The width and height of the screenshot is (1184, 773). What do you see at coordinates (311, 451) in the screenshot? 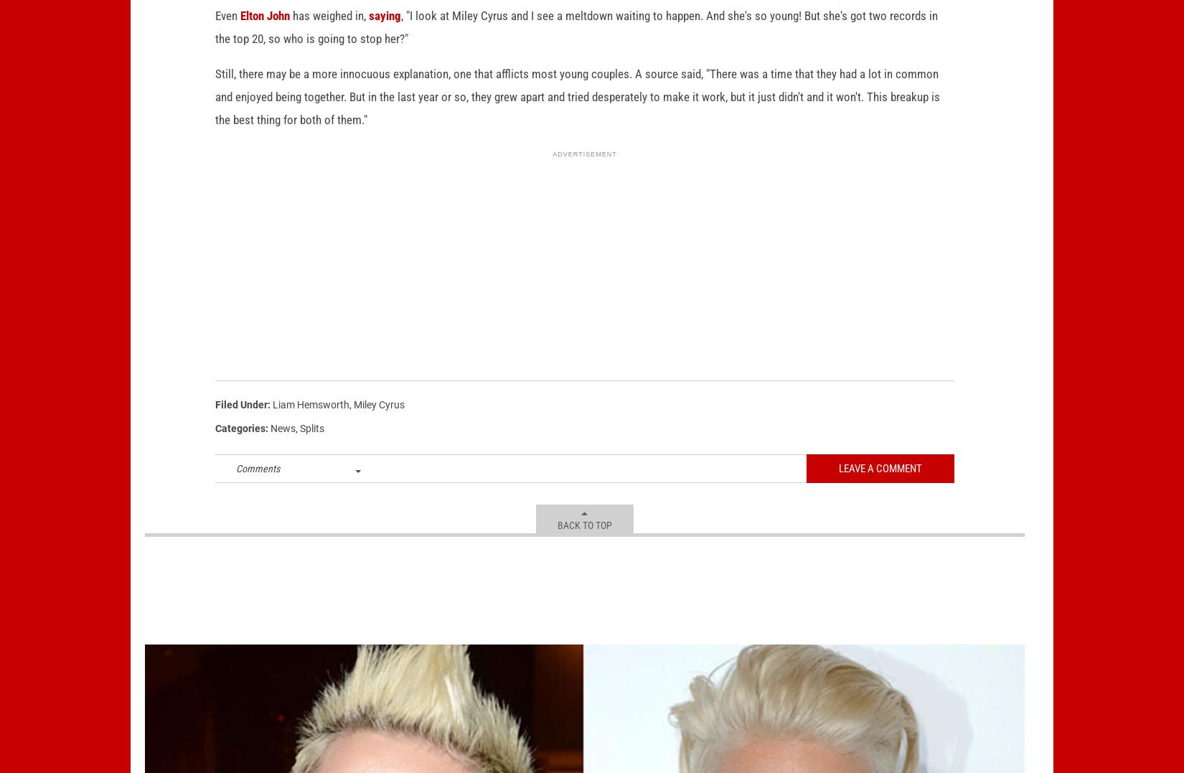
I see `'Splits'` at bounding box center [311, 451].